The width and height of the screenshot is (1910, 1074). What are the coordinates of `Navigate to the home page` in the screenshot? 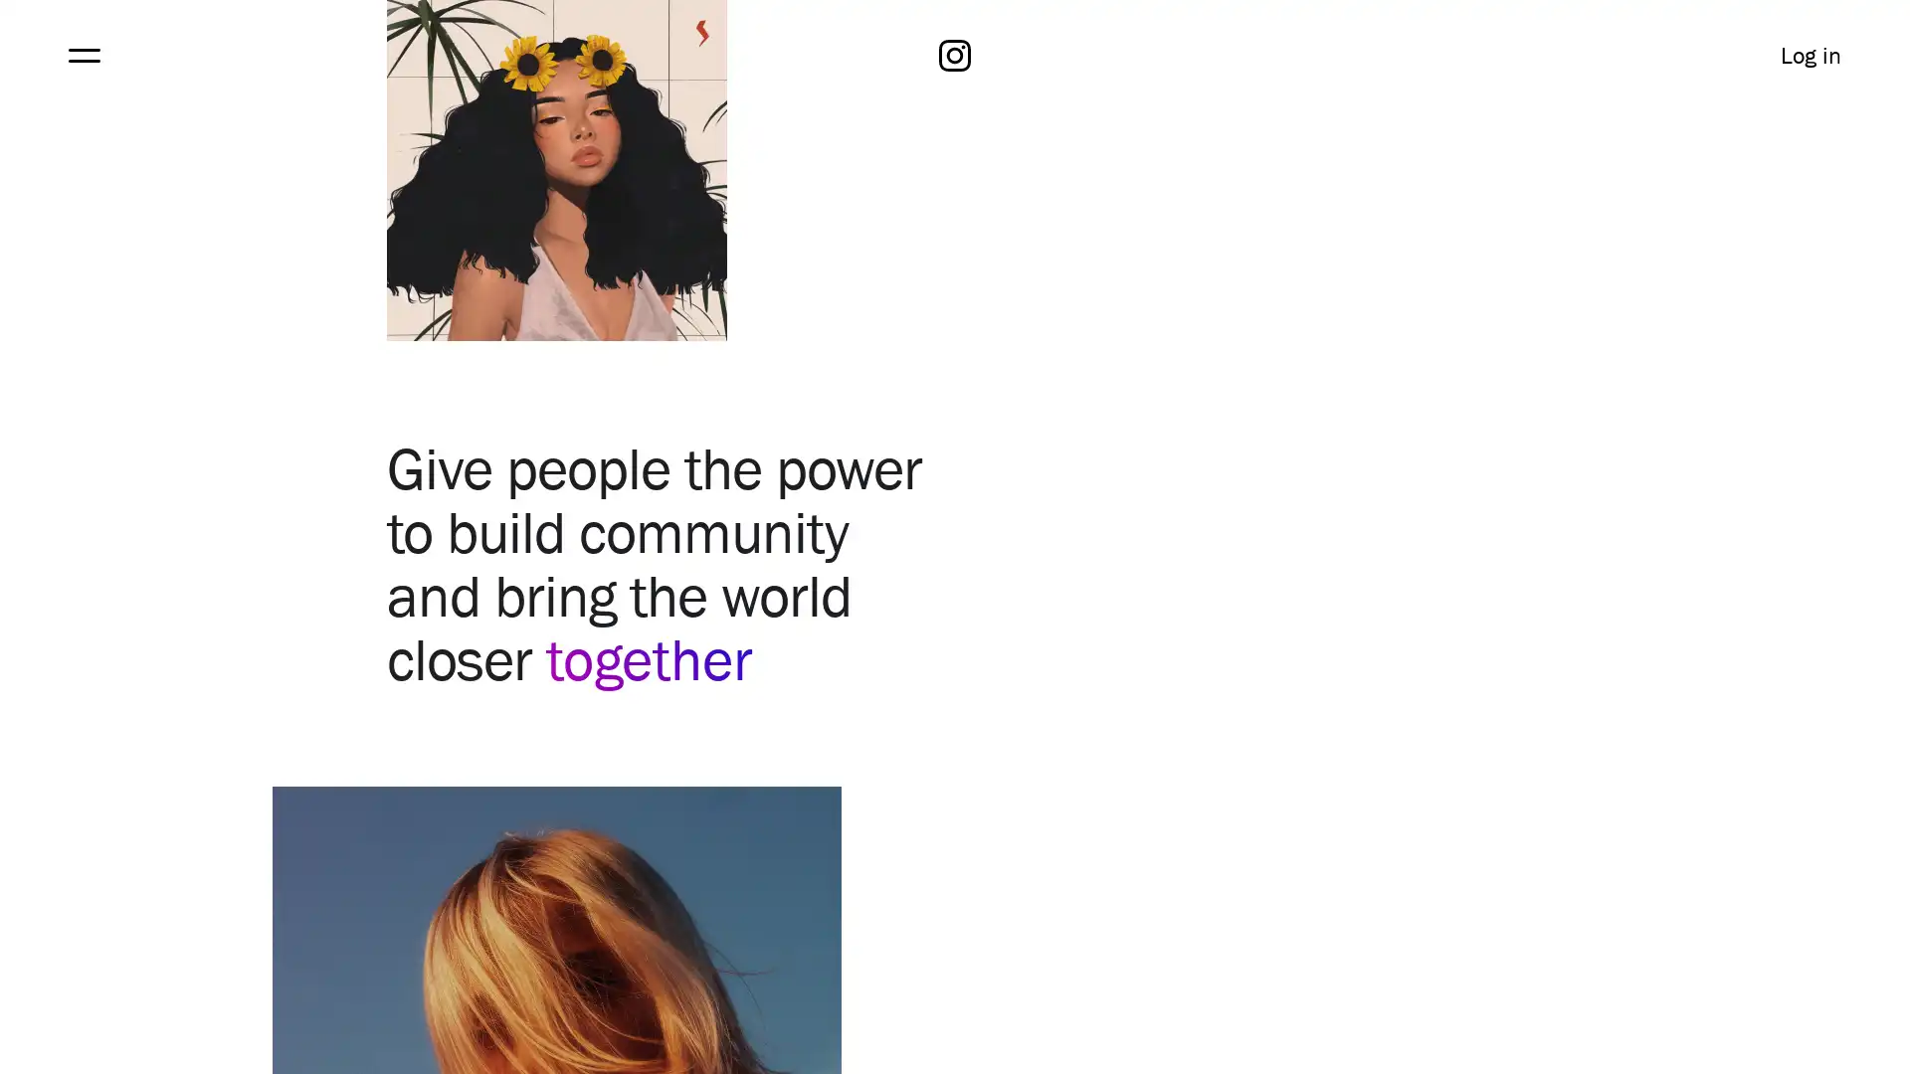 It's located at (955, 55).